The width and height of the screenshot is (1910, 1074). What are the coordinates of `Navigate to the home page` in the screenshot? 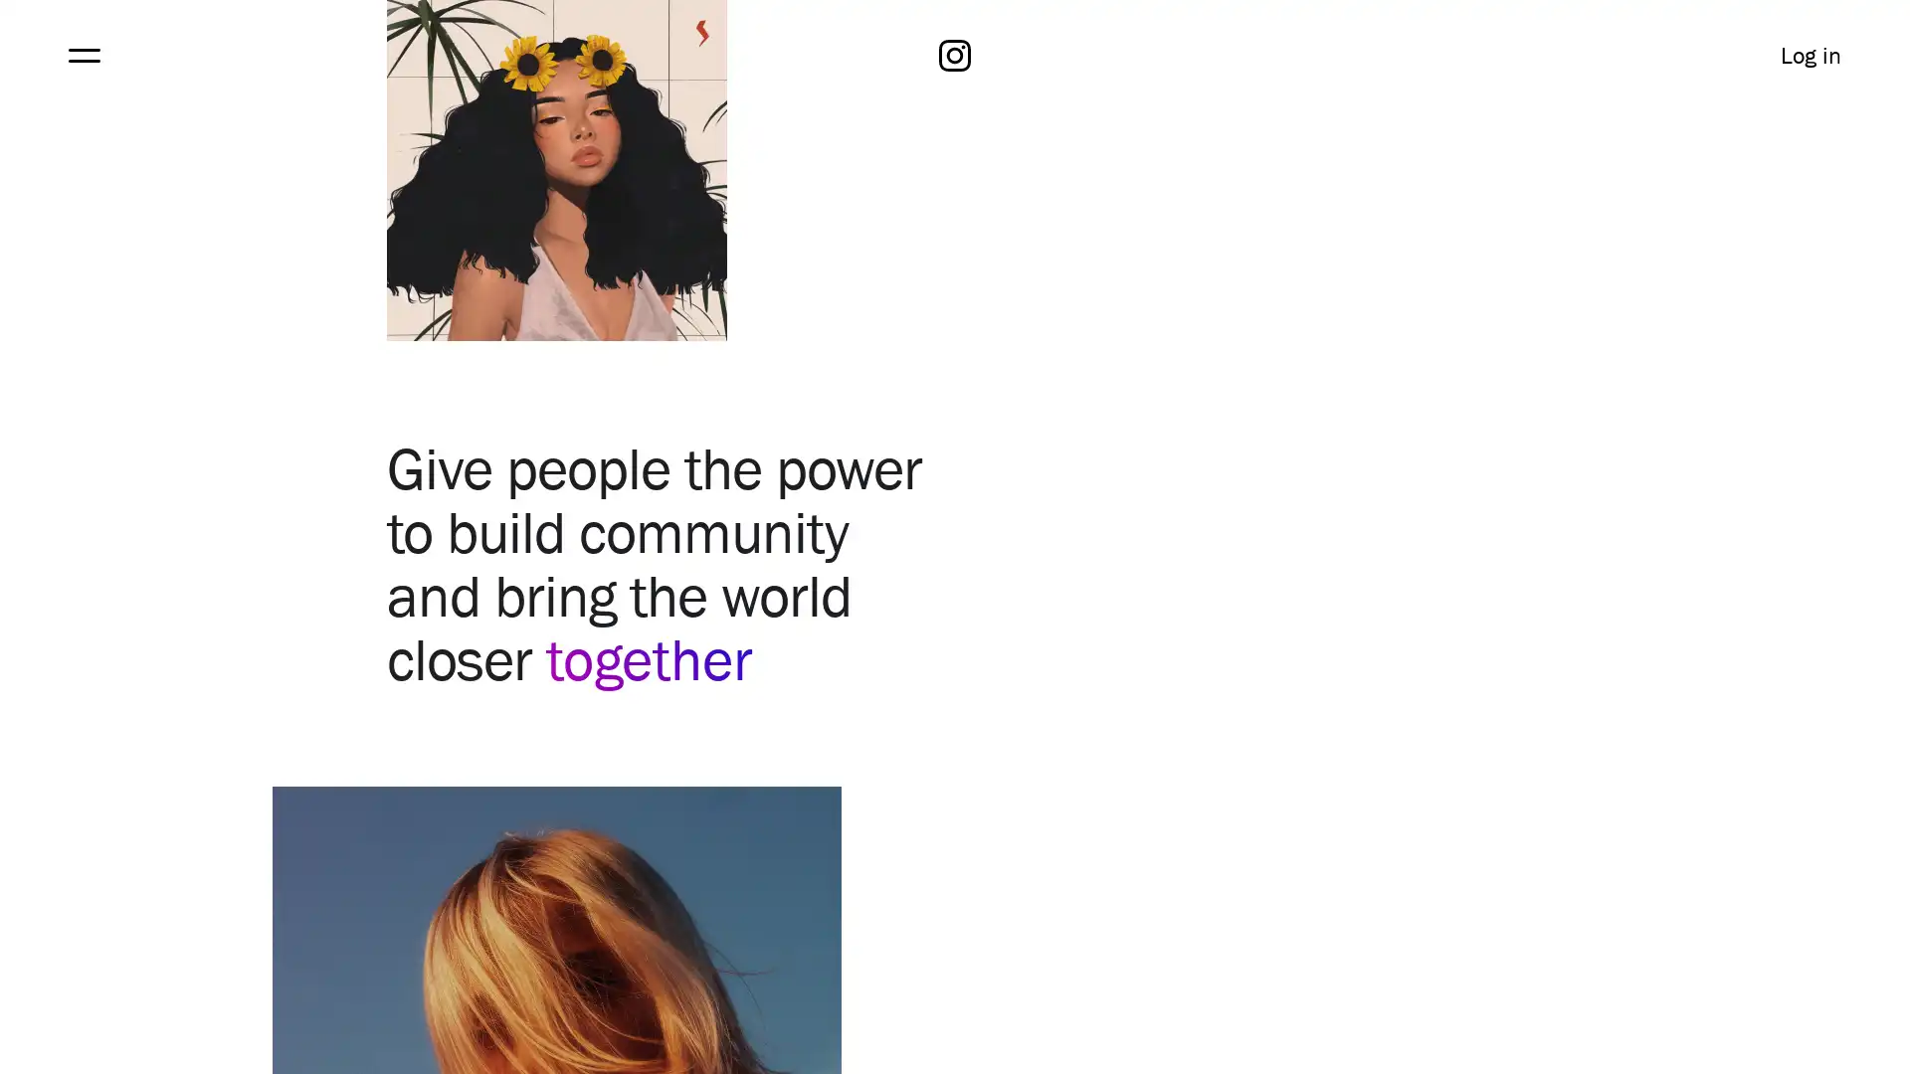 It's located at (955, 55).